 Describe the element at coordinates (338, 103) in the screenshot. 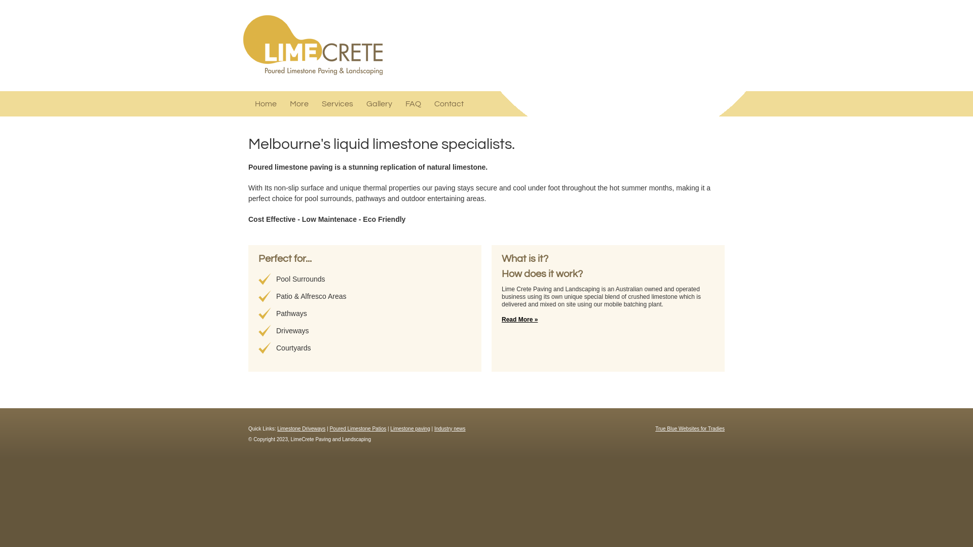

I see `'Services'` at that location.